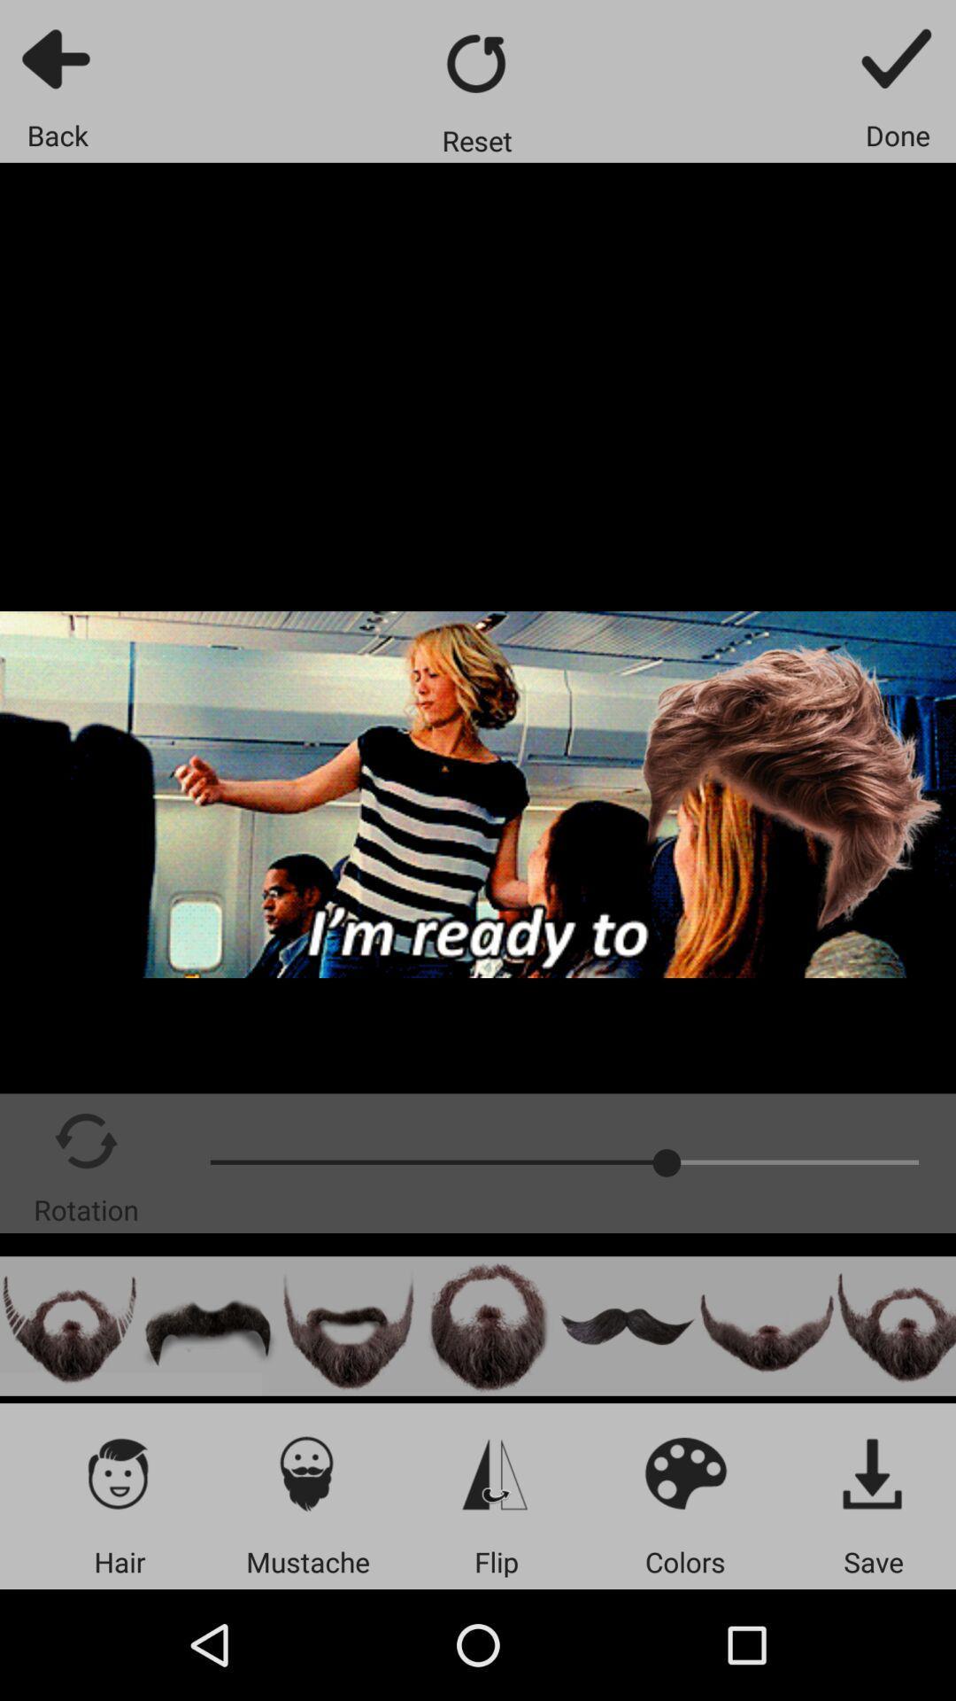 This screenshot has height=1701, width=956. What do you see at coordinates (873, 1472) in the screenshot?
I see `the file_download icon` at bounding box center [873, 1472].